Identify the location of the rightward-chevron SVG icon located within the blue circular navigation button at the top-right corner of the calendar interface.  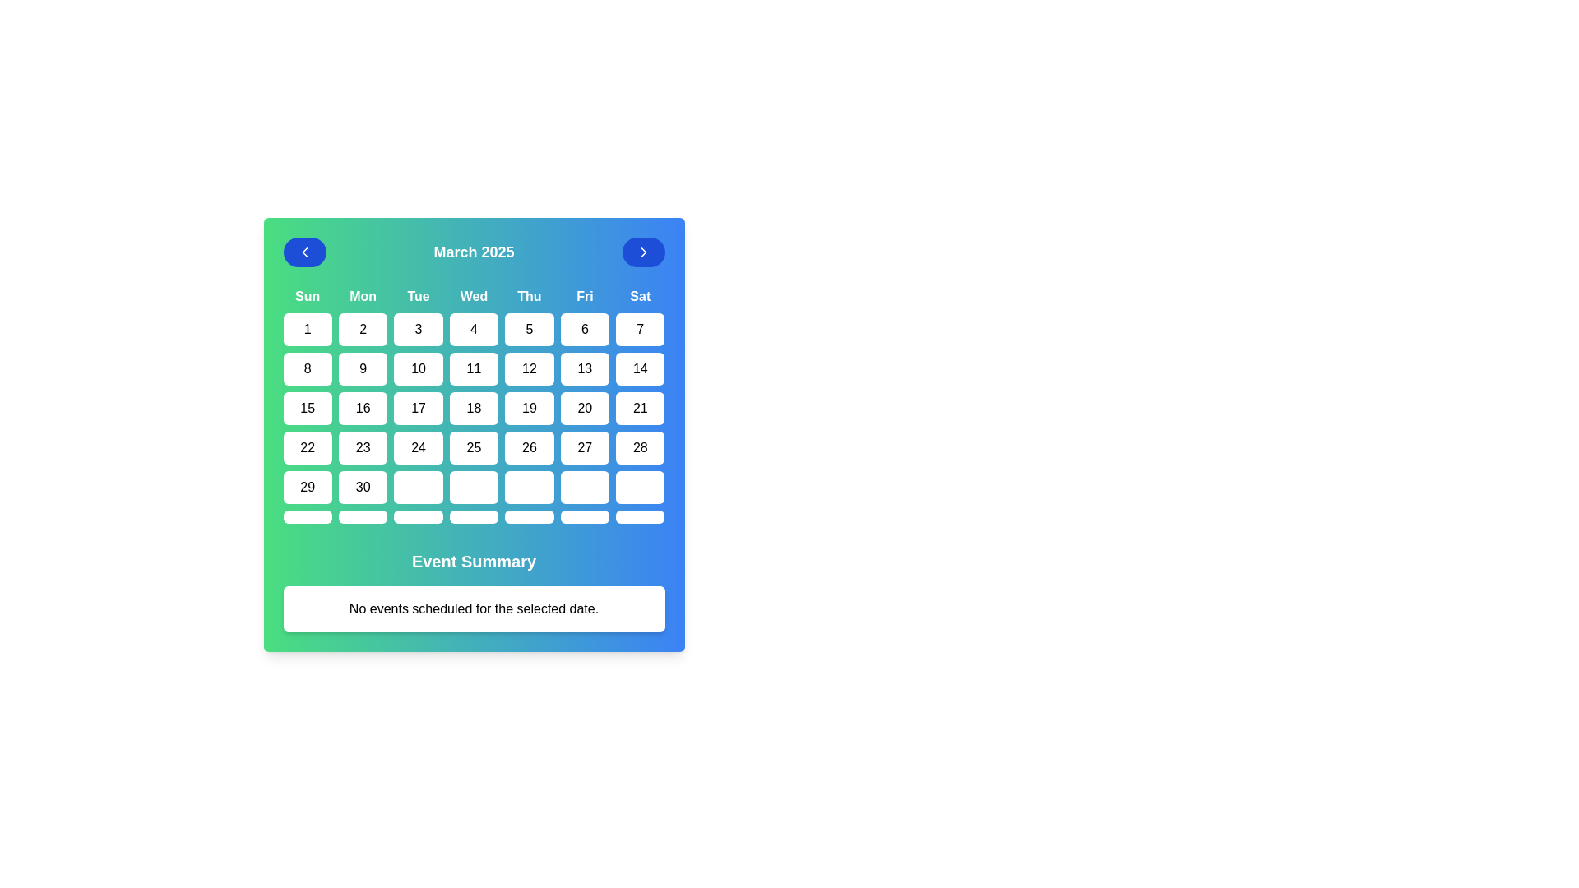
(642, 252).